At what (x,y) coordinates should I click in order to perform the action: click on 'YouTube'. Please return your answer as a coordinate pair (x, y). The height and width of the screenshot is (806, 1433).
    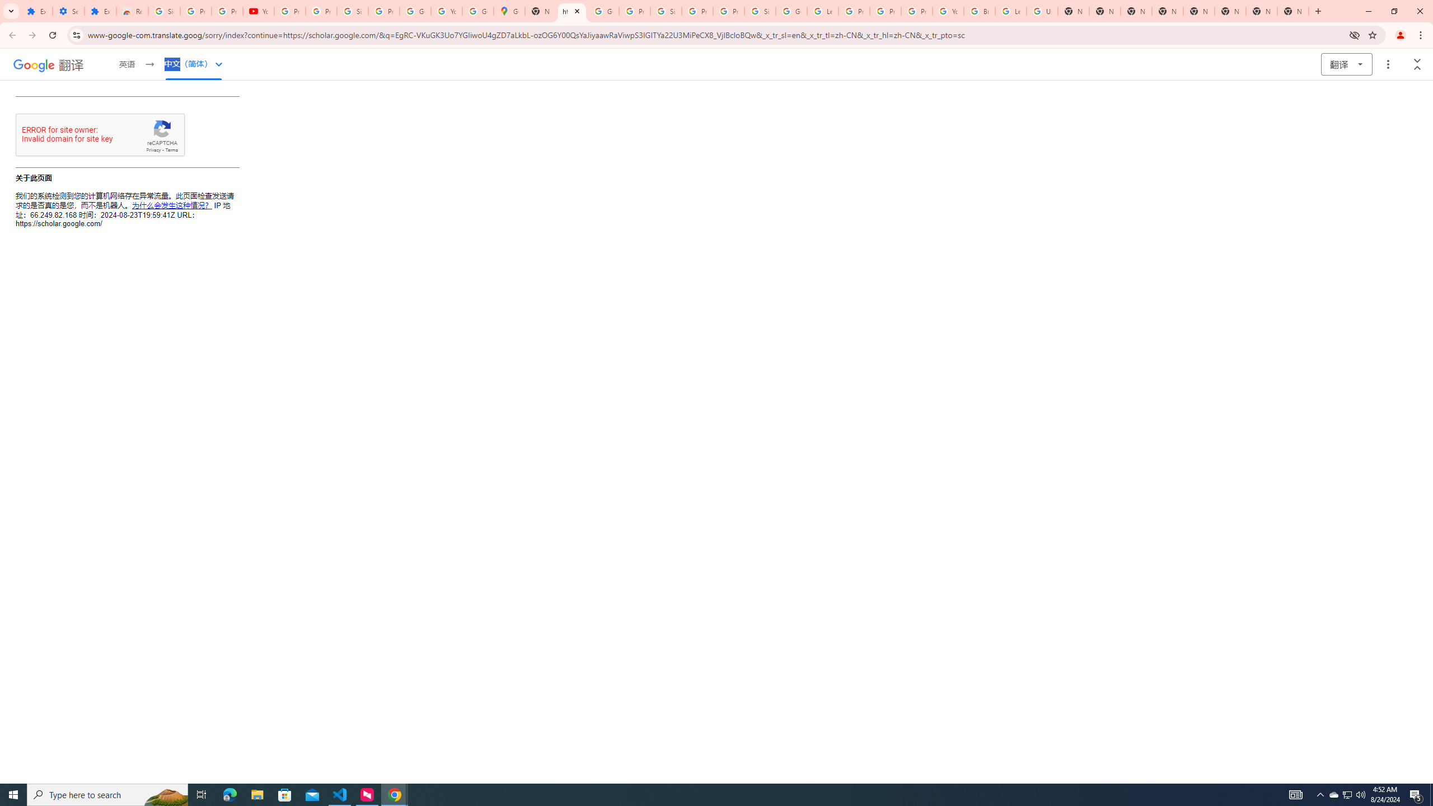
    Looking at the image, I should click on (446, 11).